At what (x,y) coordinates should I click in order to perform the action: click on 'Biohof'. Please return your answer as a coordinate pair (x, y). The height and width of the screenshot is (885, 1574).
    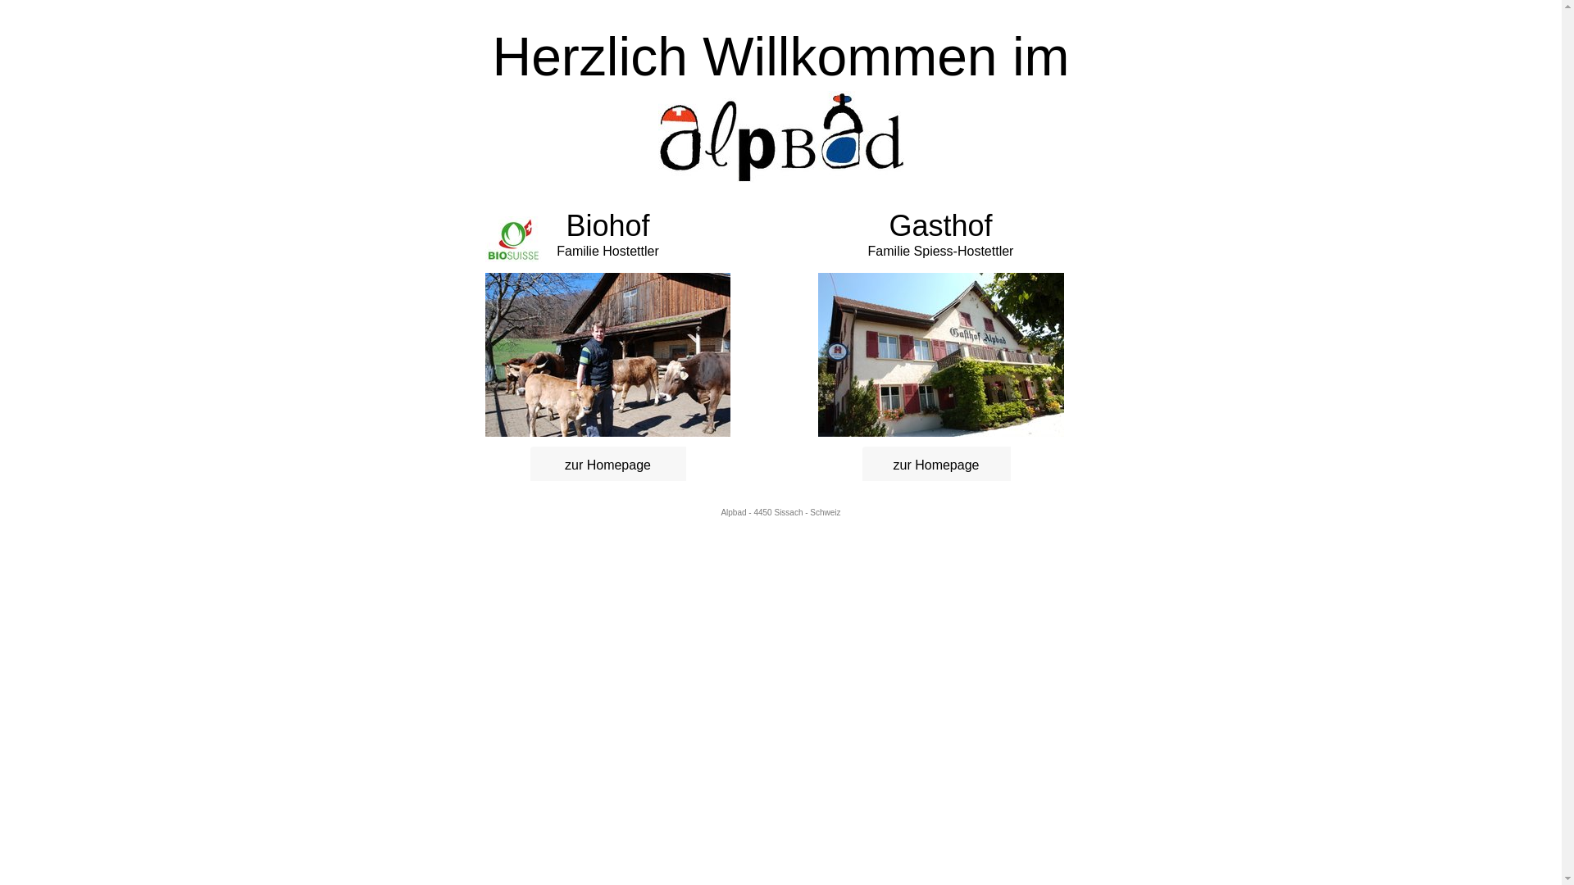
    Looking at the image, I should click on (606, 231).